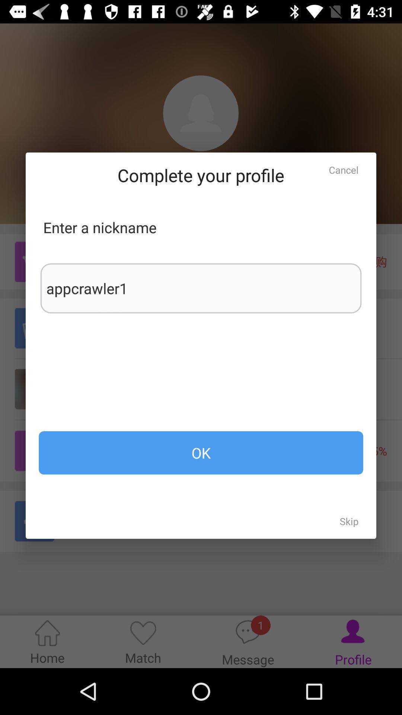 The width and height of the screenshot is (402, 715). Describe the element at coordinates (201, 288) in the screenshot. I see `the appcrawler1 icon` at that location.